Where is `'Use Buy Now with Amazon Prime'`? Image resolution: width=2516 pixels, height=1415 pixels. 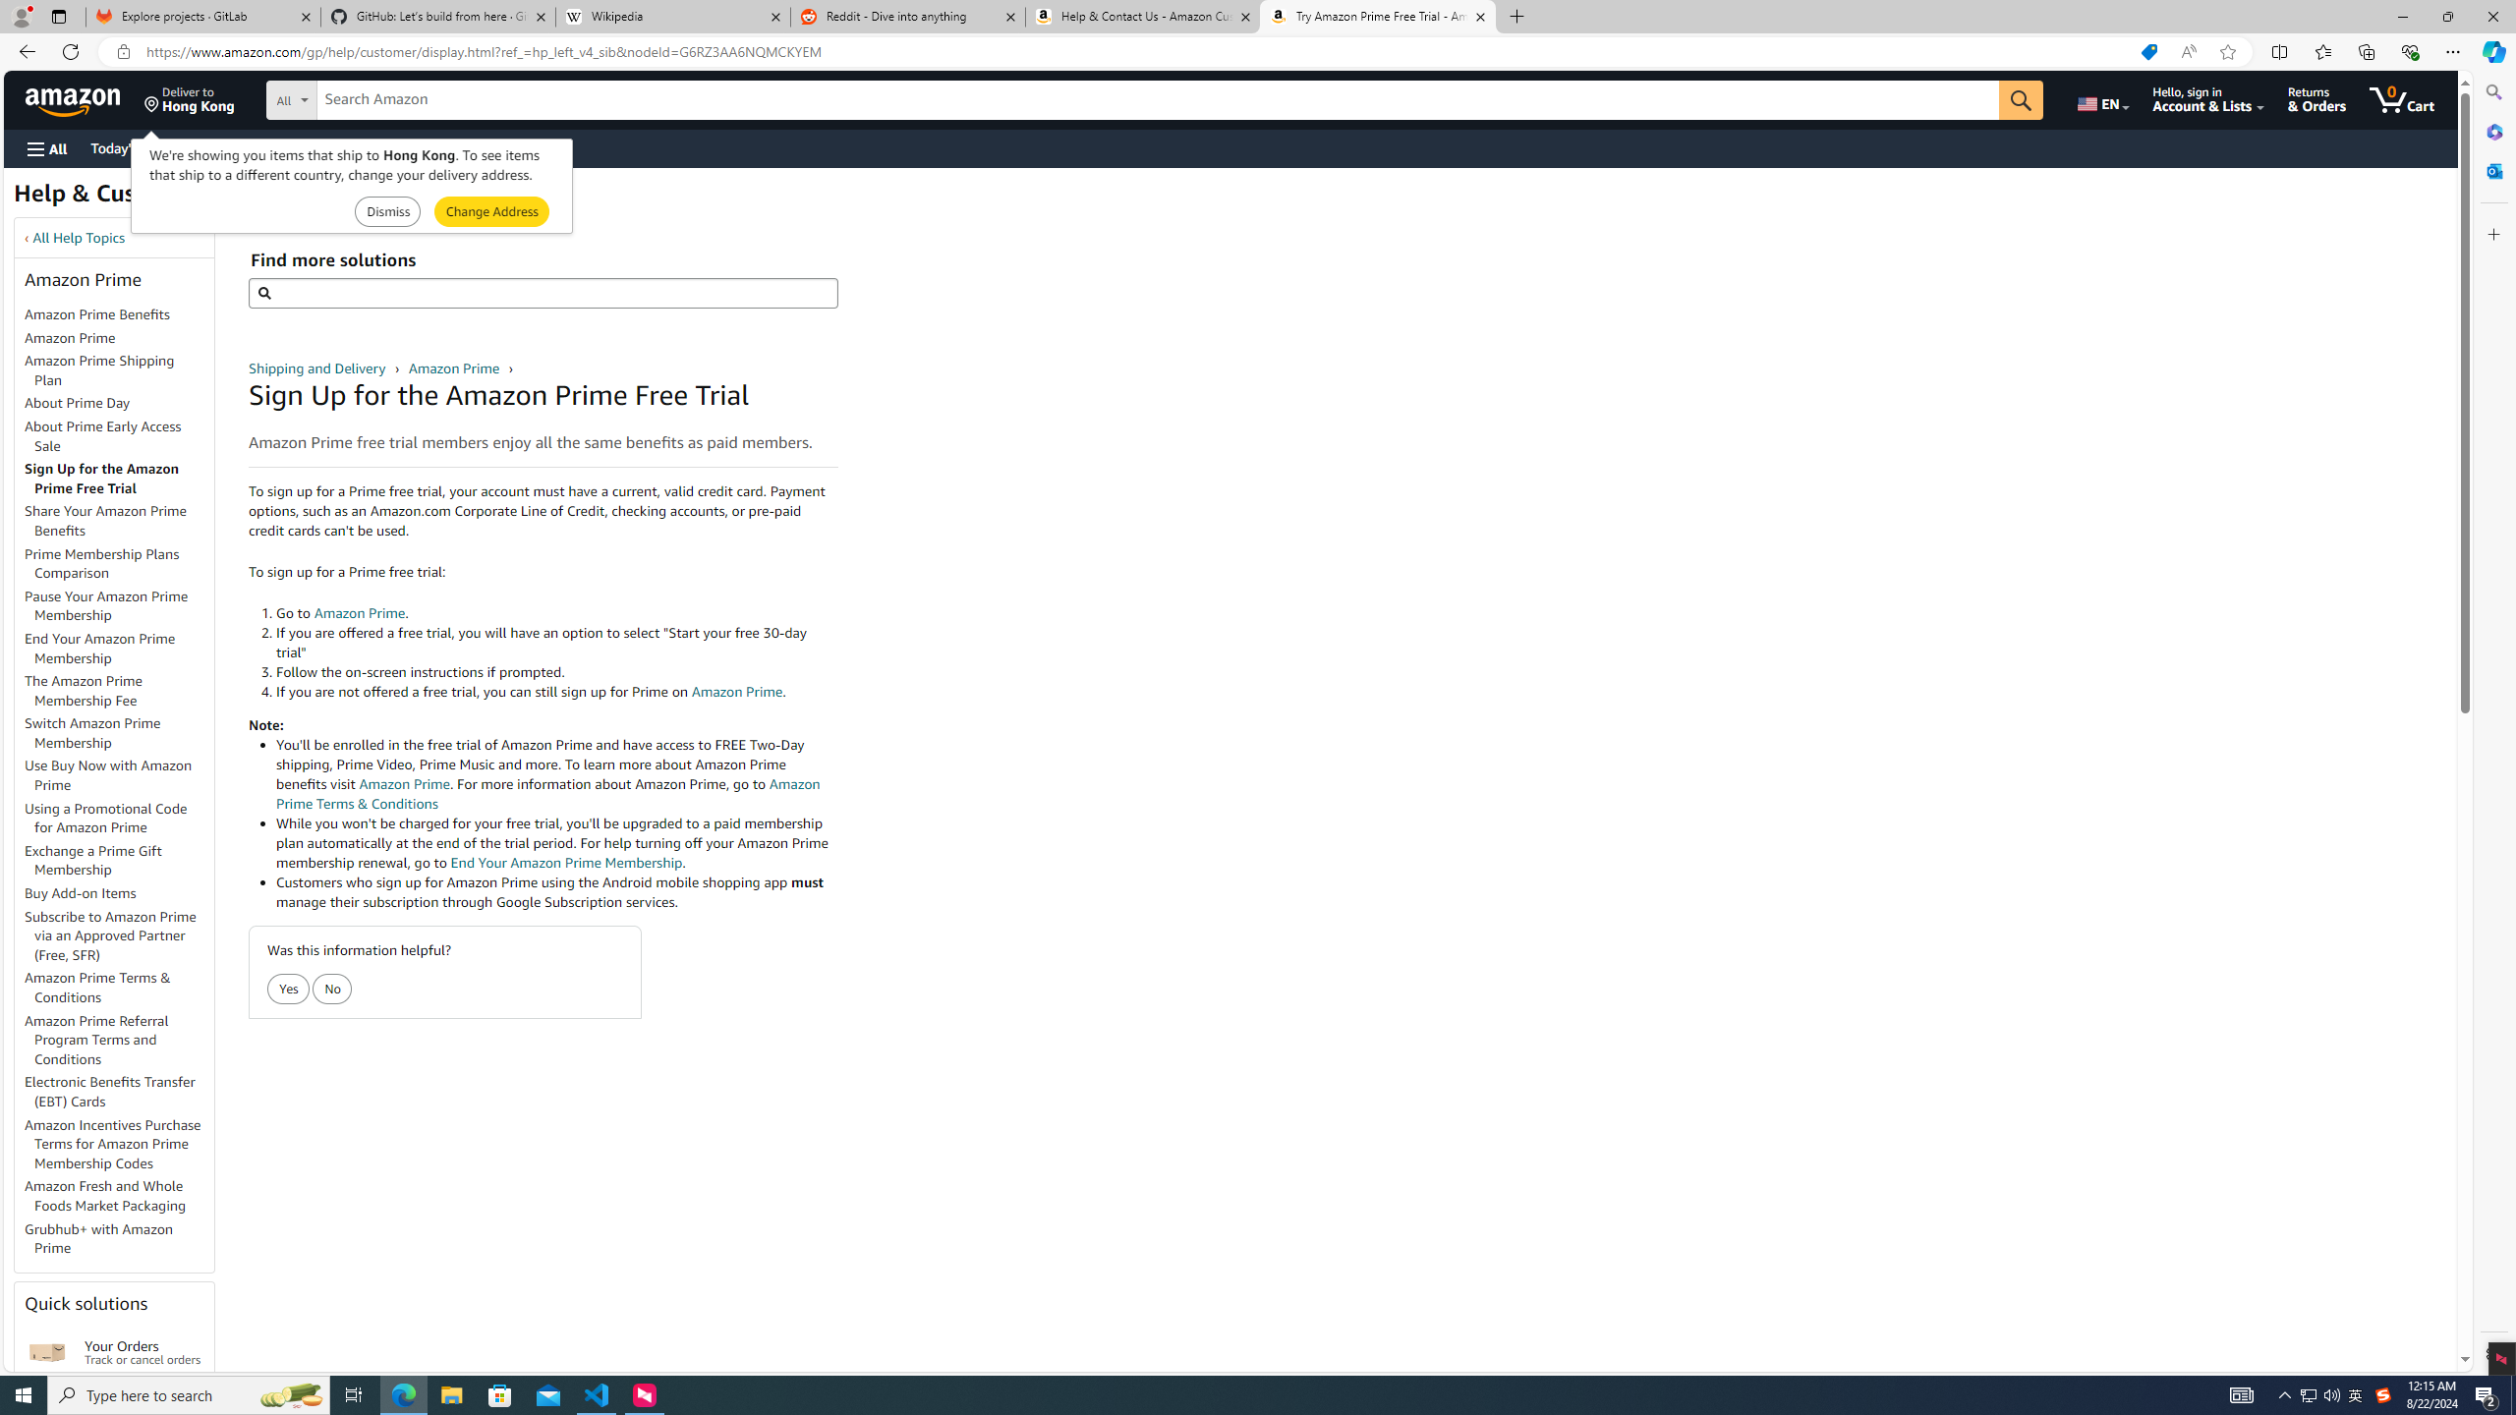
'Use Buy Now with Amazon Prime' is located at coordinates (119, 774).